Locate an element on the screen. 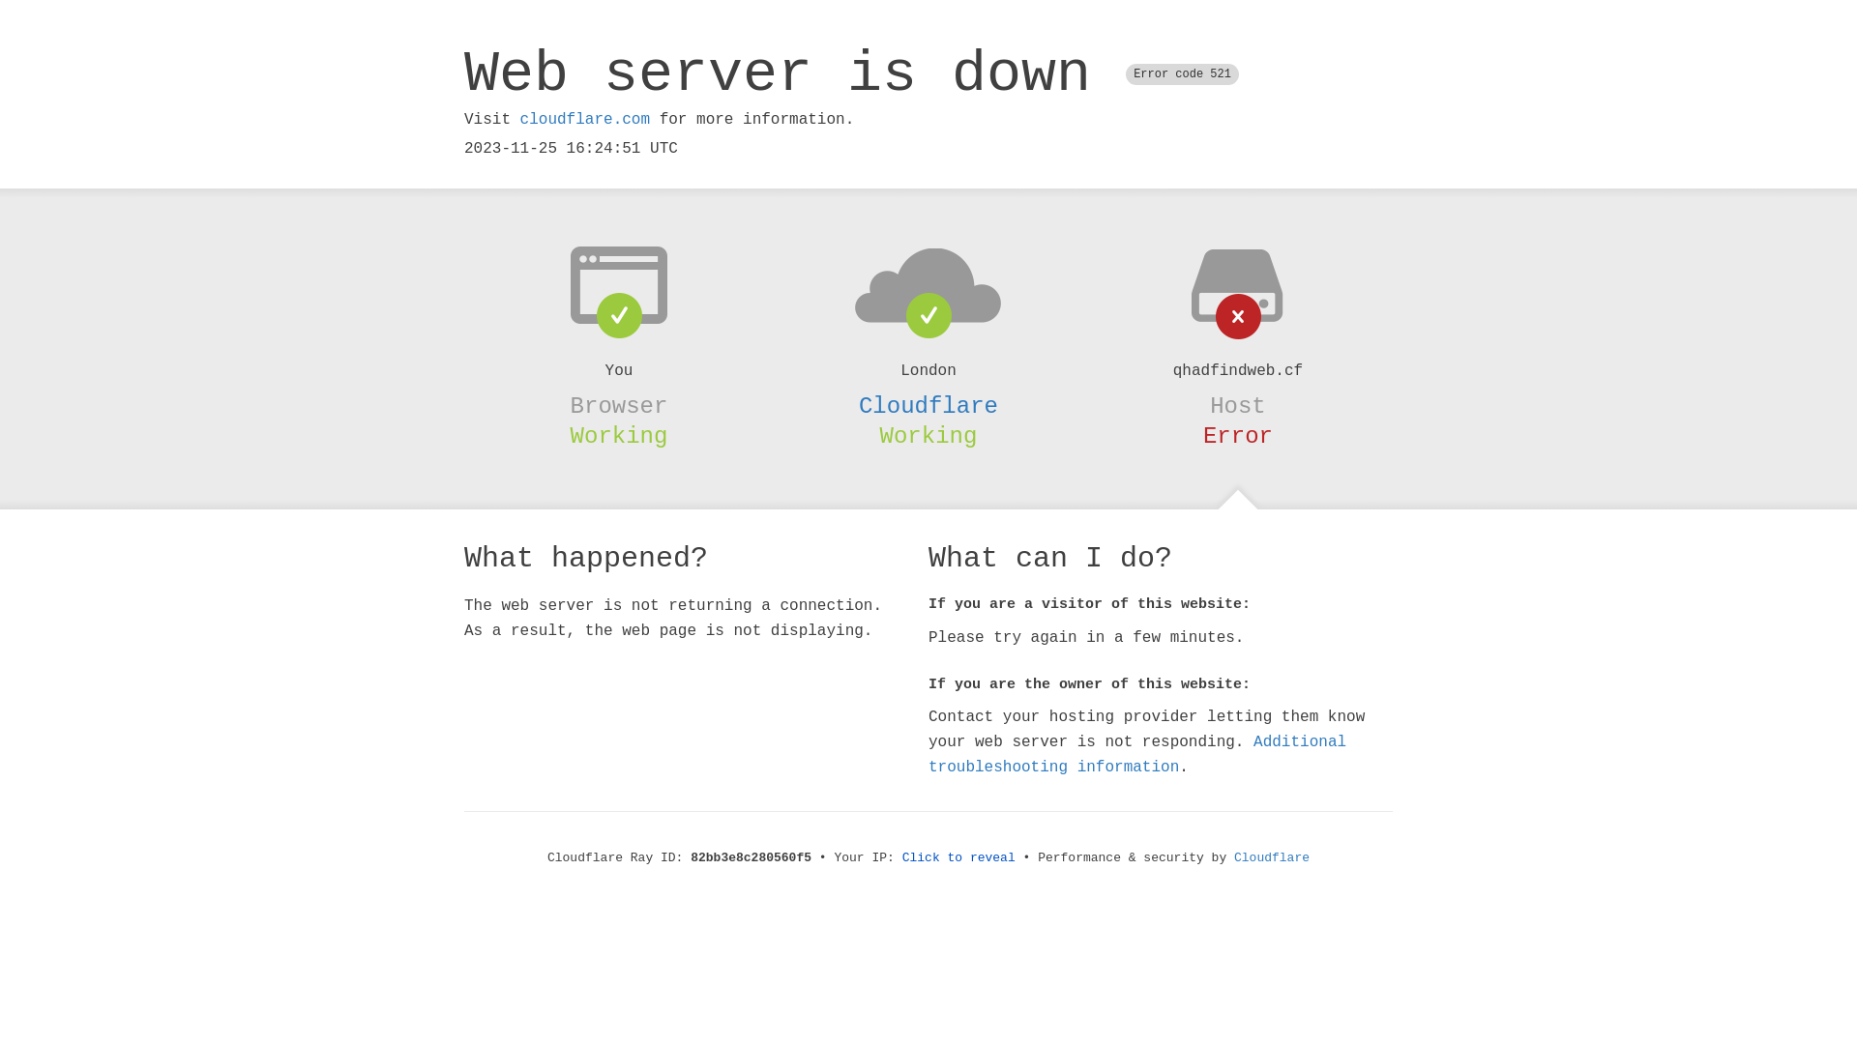 Image resolution: width=1857 pixels, height=1044 pixels. 'cloudflare.com' is located at coordinates (583, 119).